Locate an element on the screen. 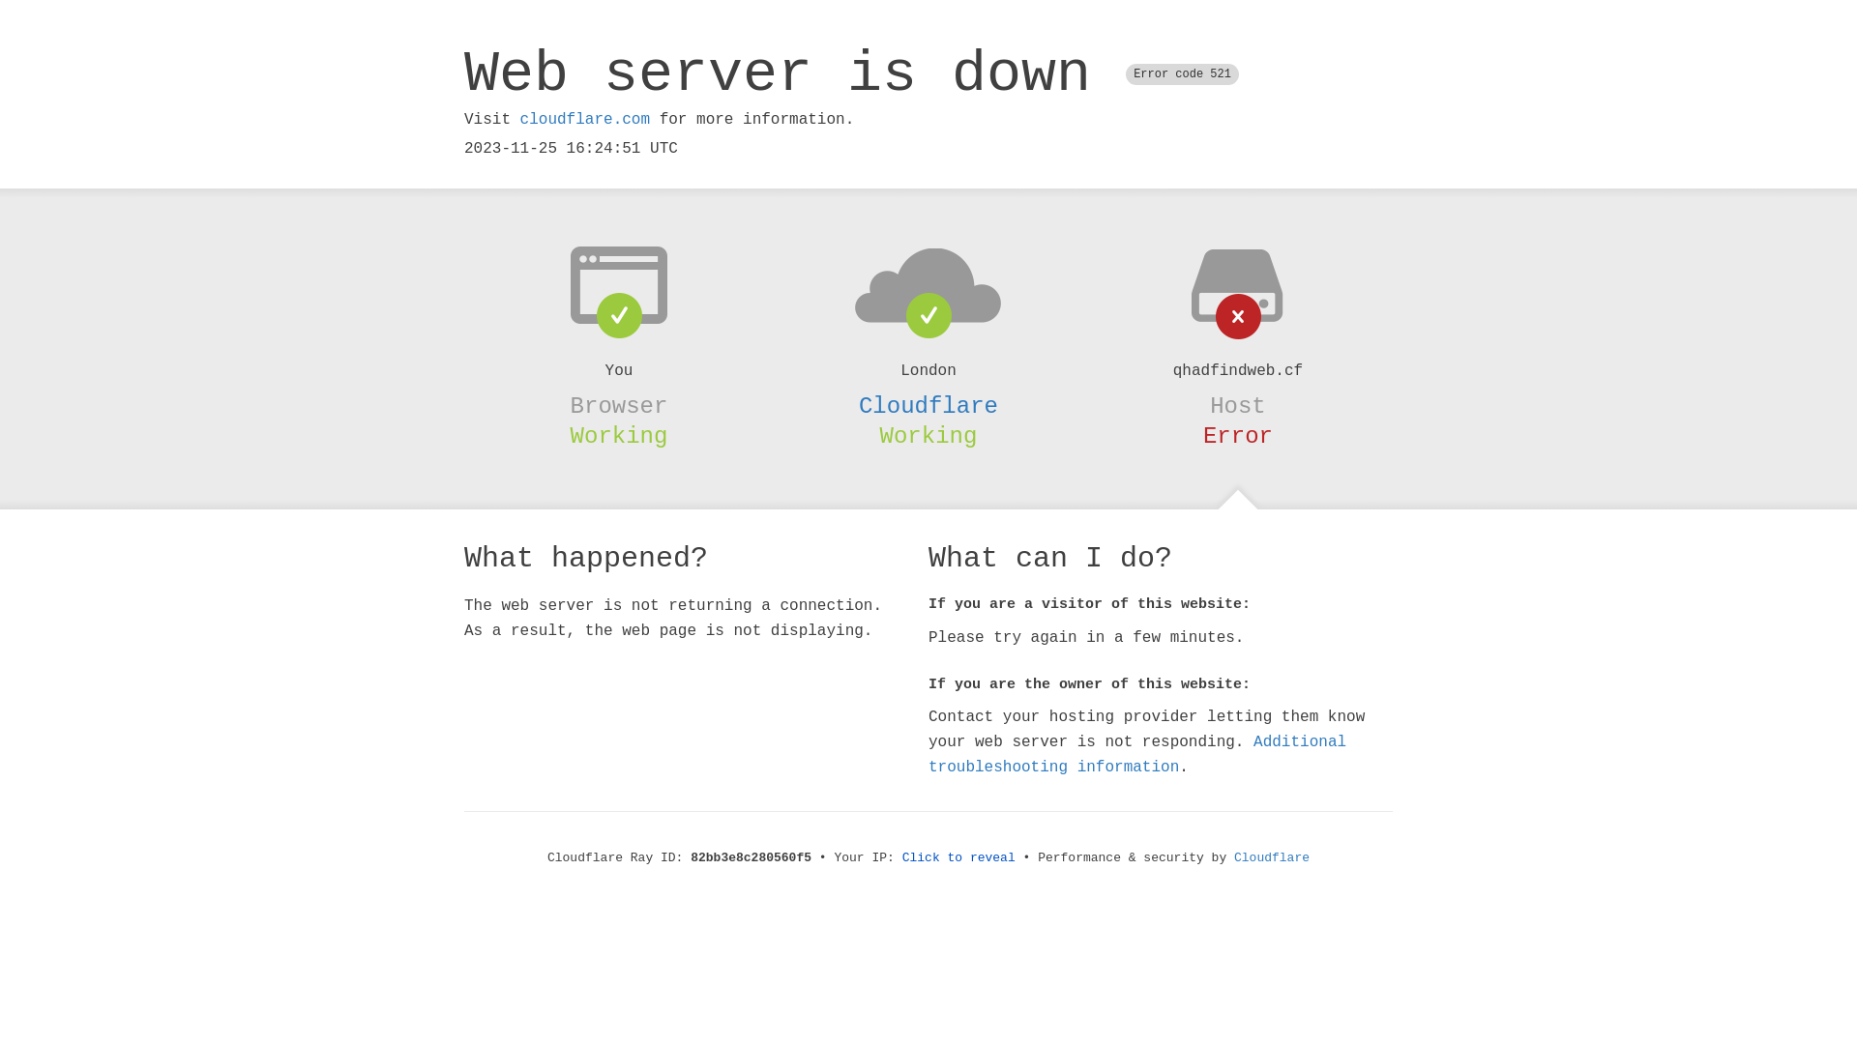 Image resolution: width=1857 pixels, height=1044 pixels. 'cloudflare.com' is located at coordinates (583, 119).